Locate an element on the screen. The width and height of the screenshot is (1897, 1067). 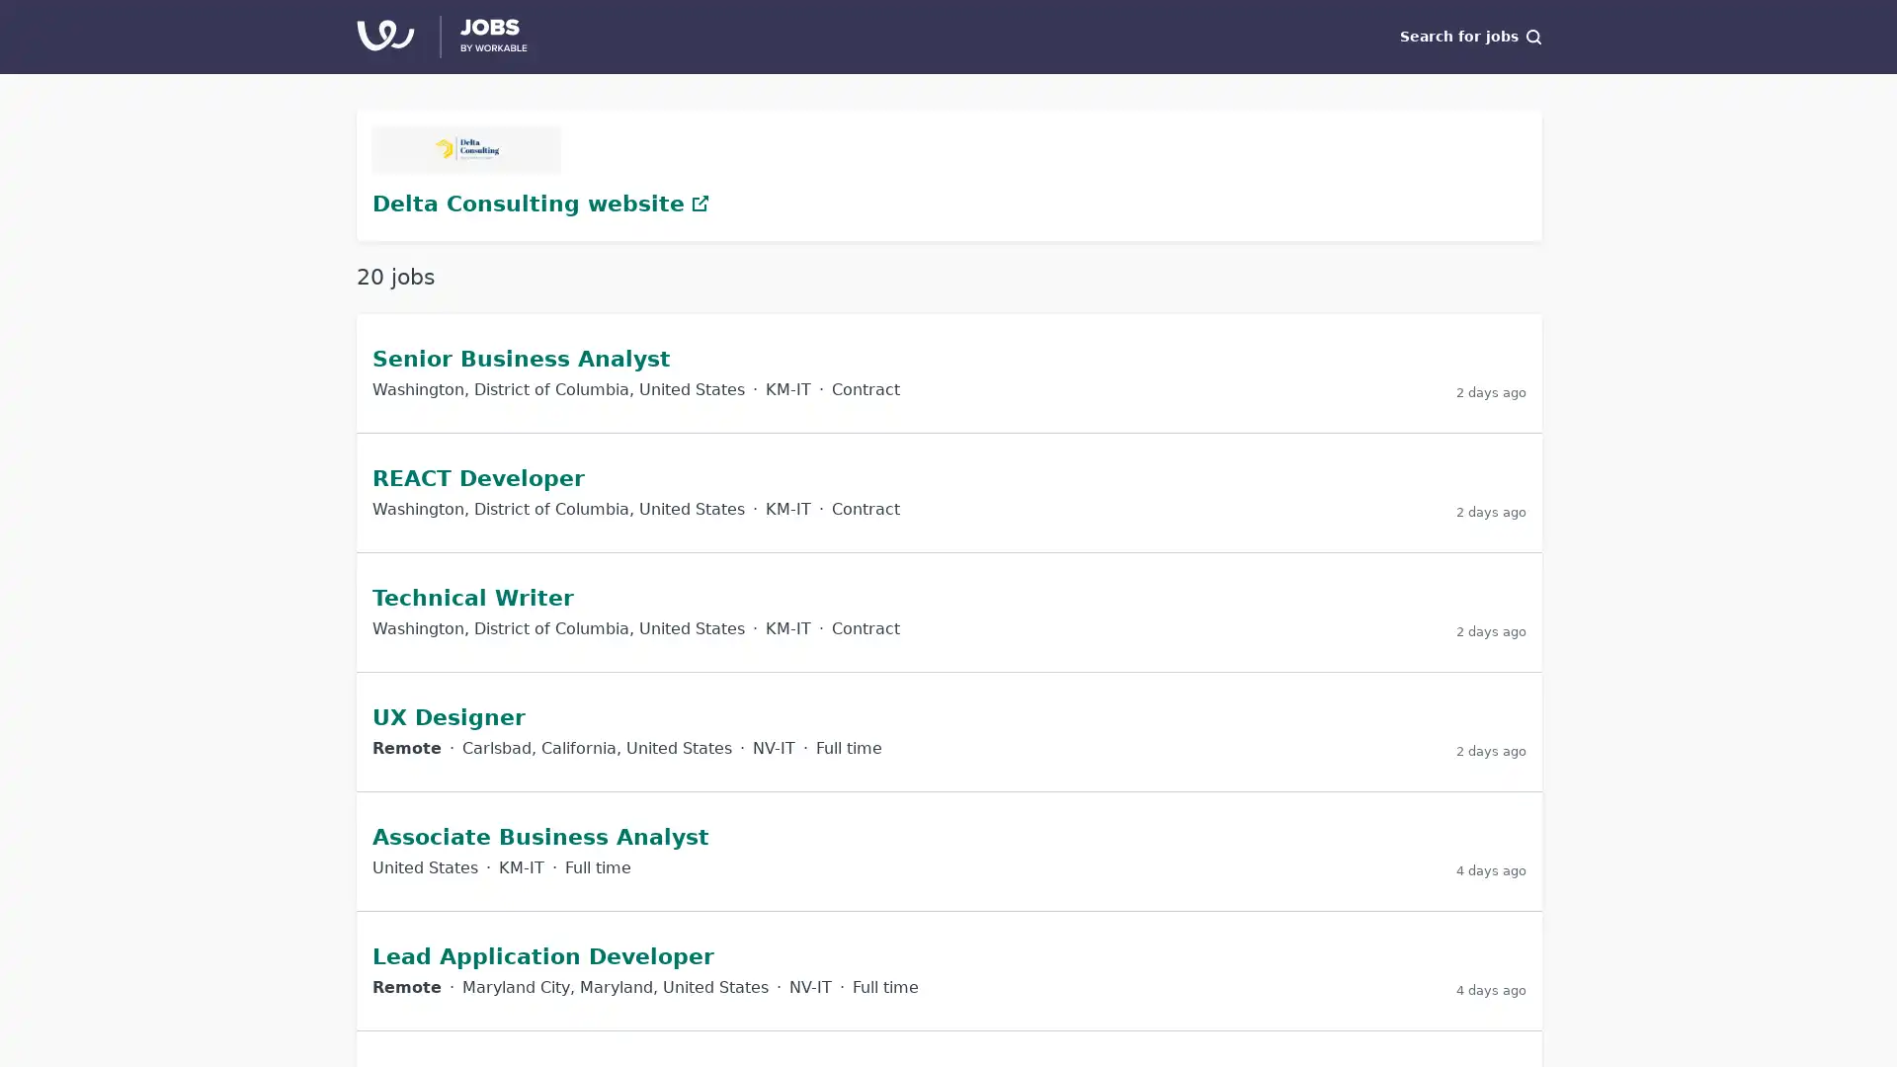
Lead Application Developer is located at coordinates (543, 954).